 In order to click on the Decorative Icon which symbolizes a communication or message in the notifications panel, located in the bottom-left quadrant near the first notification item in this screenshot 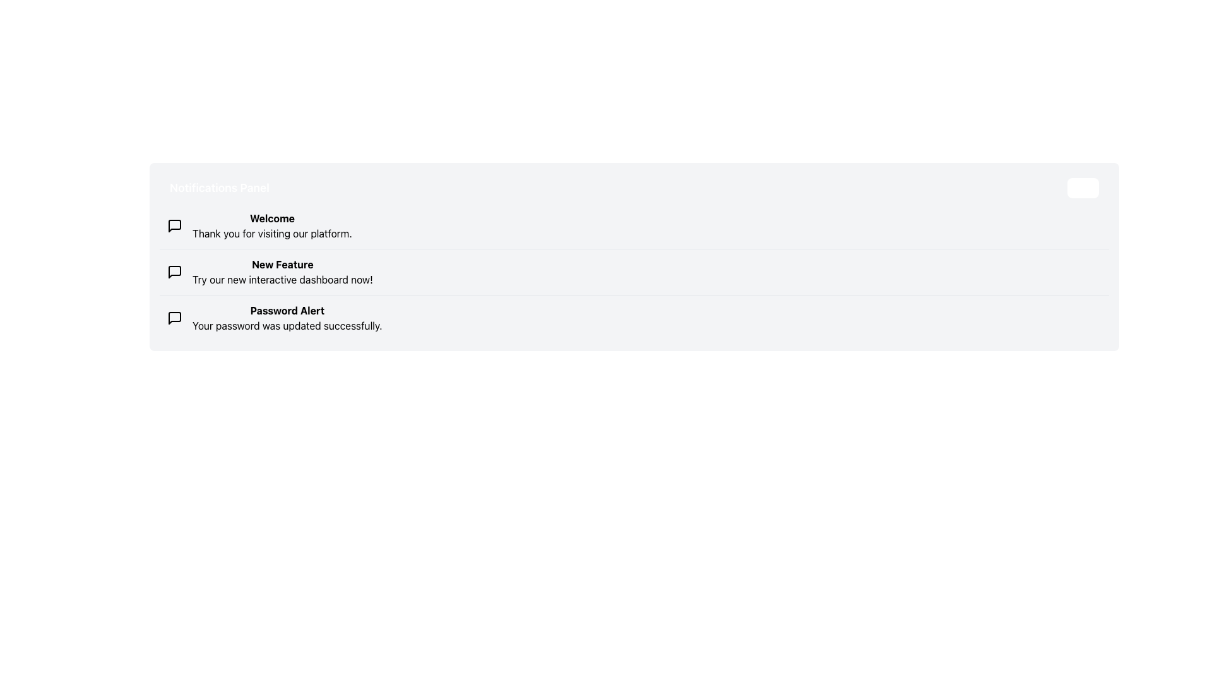, I will do `click(174, 225)`.